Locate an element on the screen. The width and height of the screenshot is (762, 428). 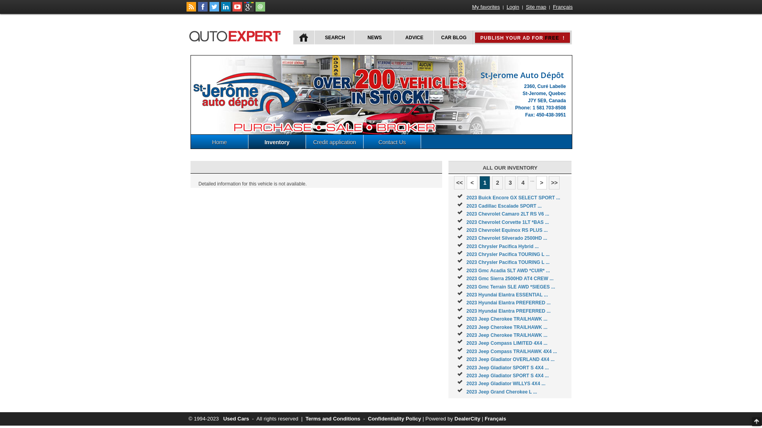
'ADVICE' is located at coordinates (413, 37).